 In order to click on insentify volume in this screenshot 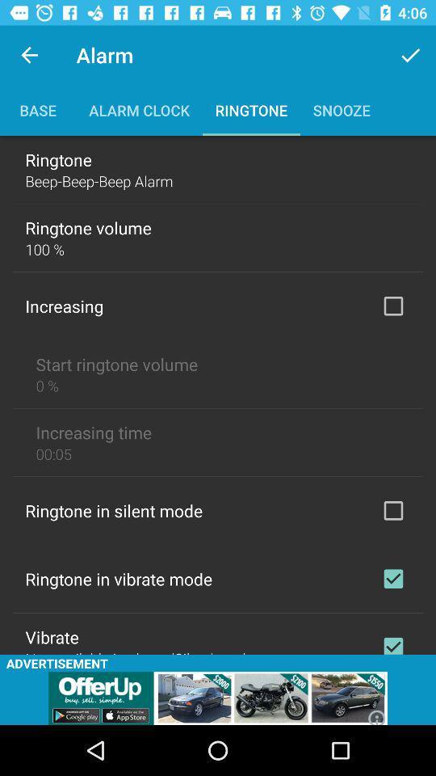, I will do `click(392, 305)`.